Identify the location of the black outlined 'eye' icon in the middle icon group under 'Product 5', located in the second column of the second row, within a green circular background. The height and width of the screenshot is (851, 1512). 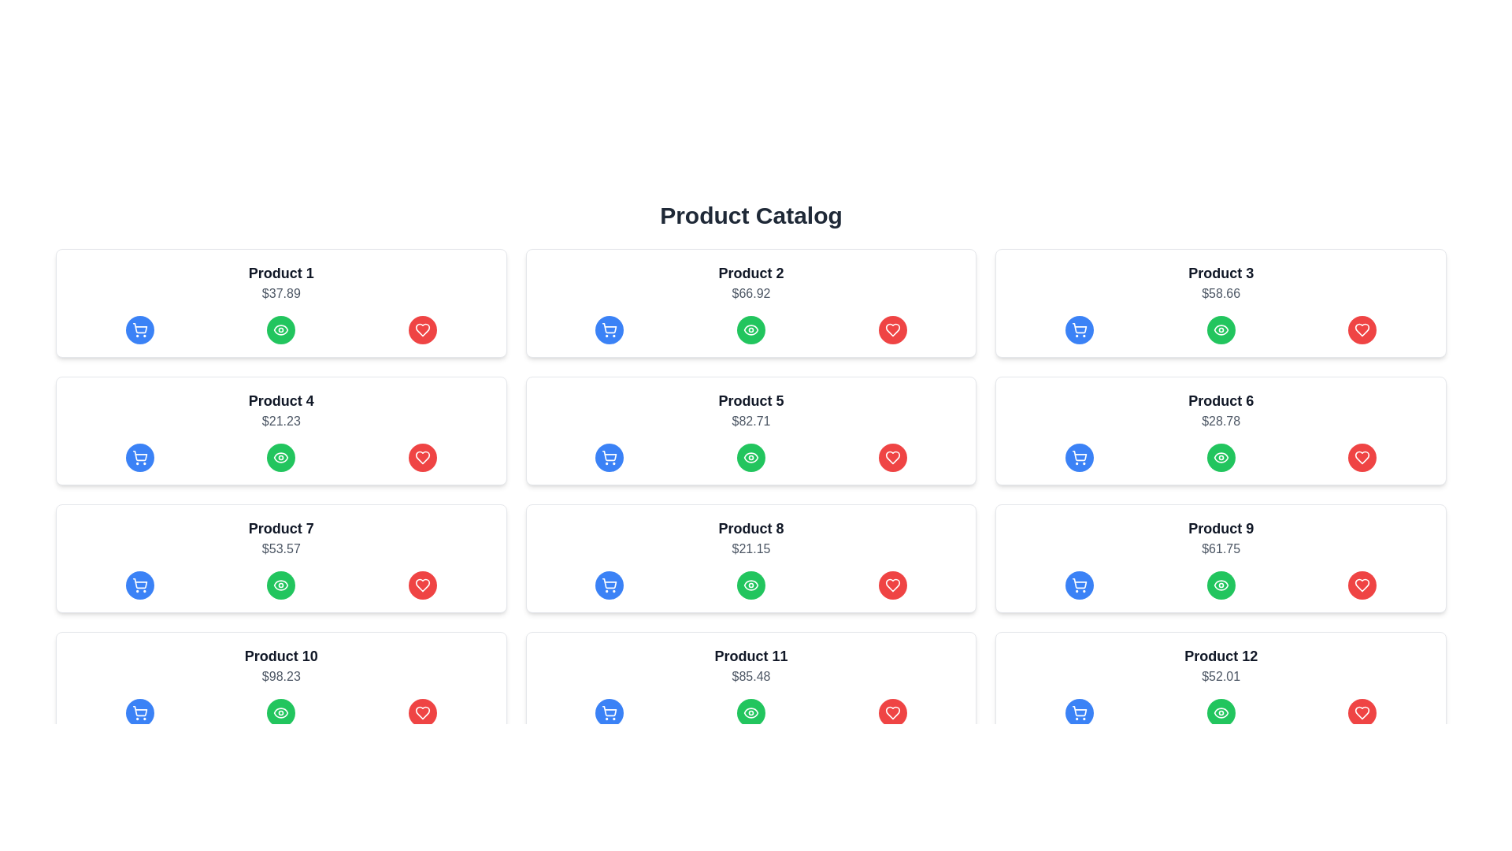
(750, 329).